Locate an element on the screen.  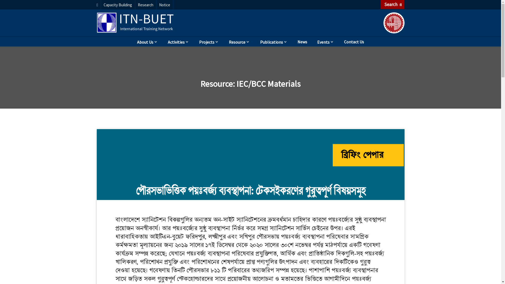
'Events' is located at coordinates (325, 41).